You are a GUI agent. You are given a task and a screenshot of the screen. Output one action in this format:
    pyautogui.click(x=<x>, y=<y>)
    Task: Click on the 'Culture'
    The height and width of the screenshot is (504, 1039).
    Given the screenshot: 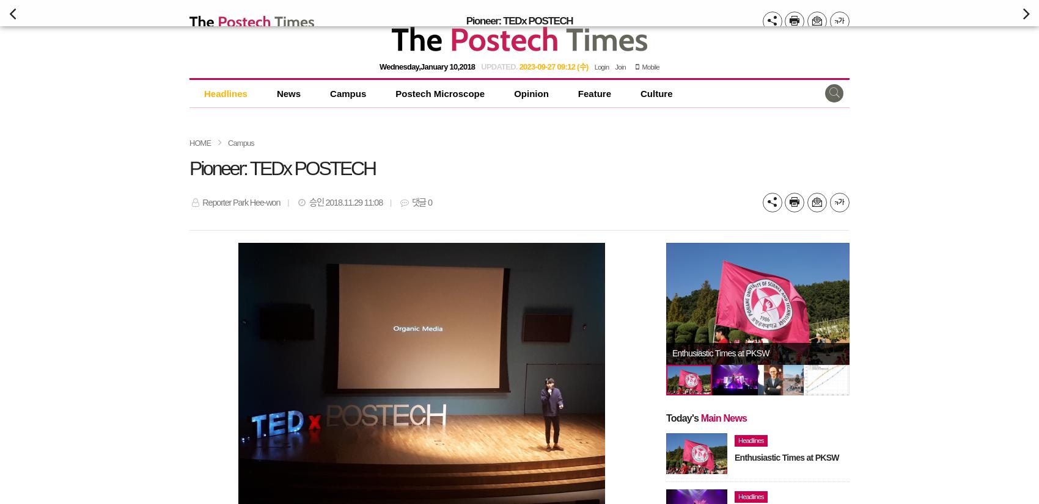 What is the action you would take?
    pyautogui.click(x=656, y=93)
    